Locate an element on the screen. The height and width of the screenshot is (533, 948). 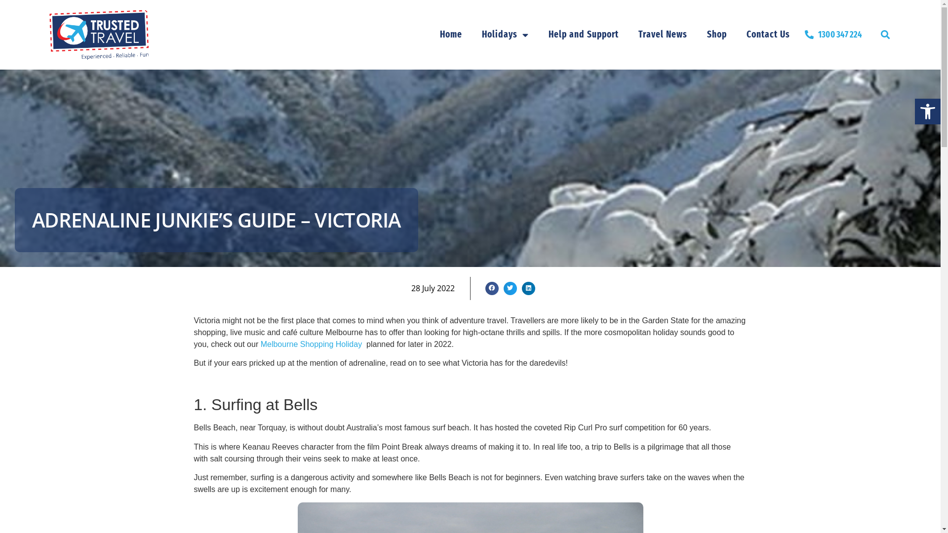
'1300 347 224' is located at coordinates (833, 34).